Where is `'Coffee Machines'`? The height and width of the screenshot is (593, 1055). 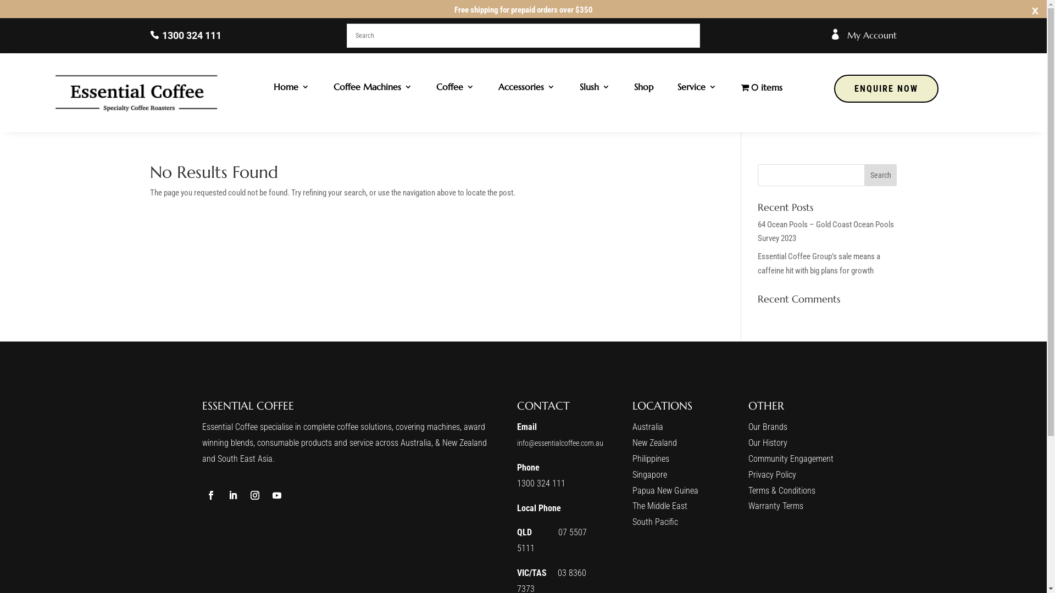 'Coffee Machines' is located at coordinates (373, 88).